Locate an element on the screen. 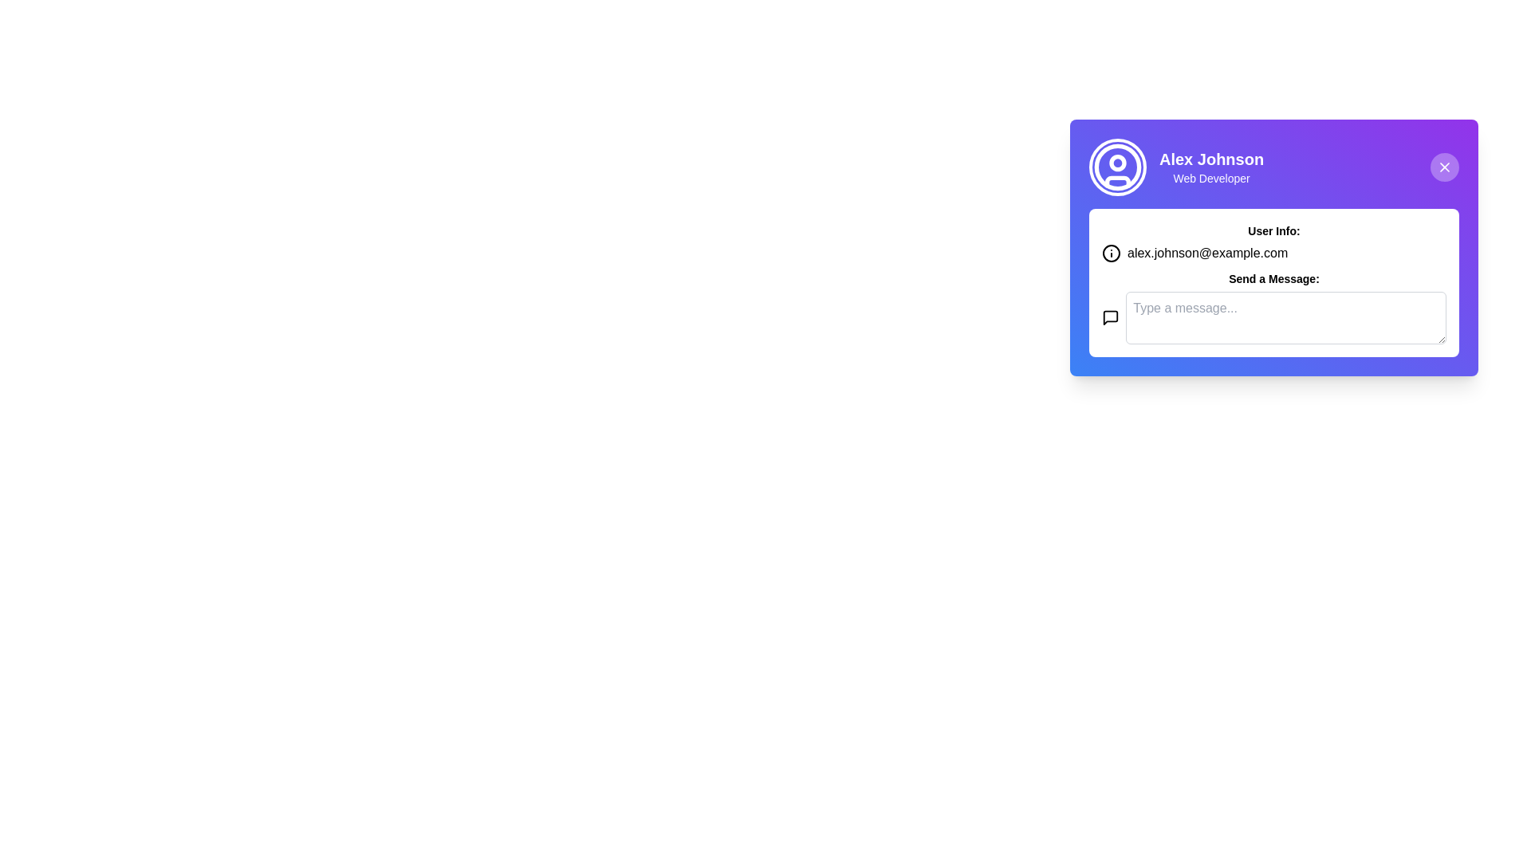  the Information Display element that shows 'User Info: alex.johnson@example.com', which includes an 'i' icon and is located above the 'Send a Message:' section is located at coordinates (1273, 242).